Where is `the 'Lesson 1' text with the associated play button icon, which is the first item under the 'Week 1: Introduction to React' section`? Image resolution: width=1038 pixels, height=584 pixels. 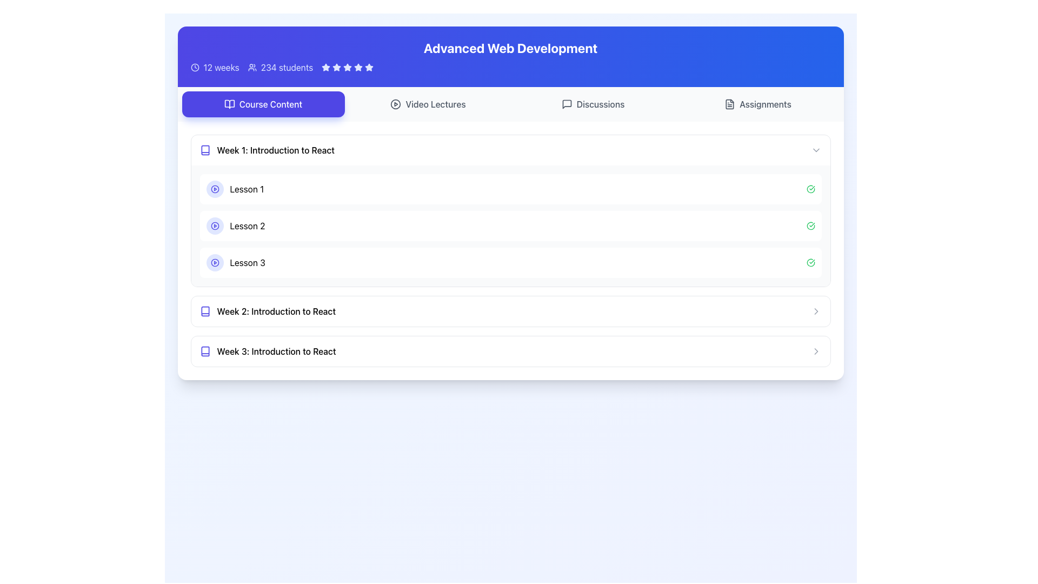
the 'Lesson 1' text with the associated play button icon, which is the first item under the 'Week 1: Introduction to React' section is located at coordinates (234, 189).